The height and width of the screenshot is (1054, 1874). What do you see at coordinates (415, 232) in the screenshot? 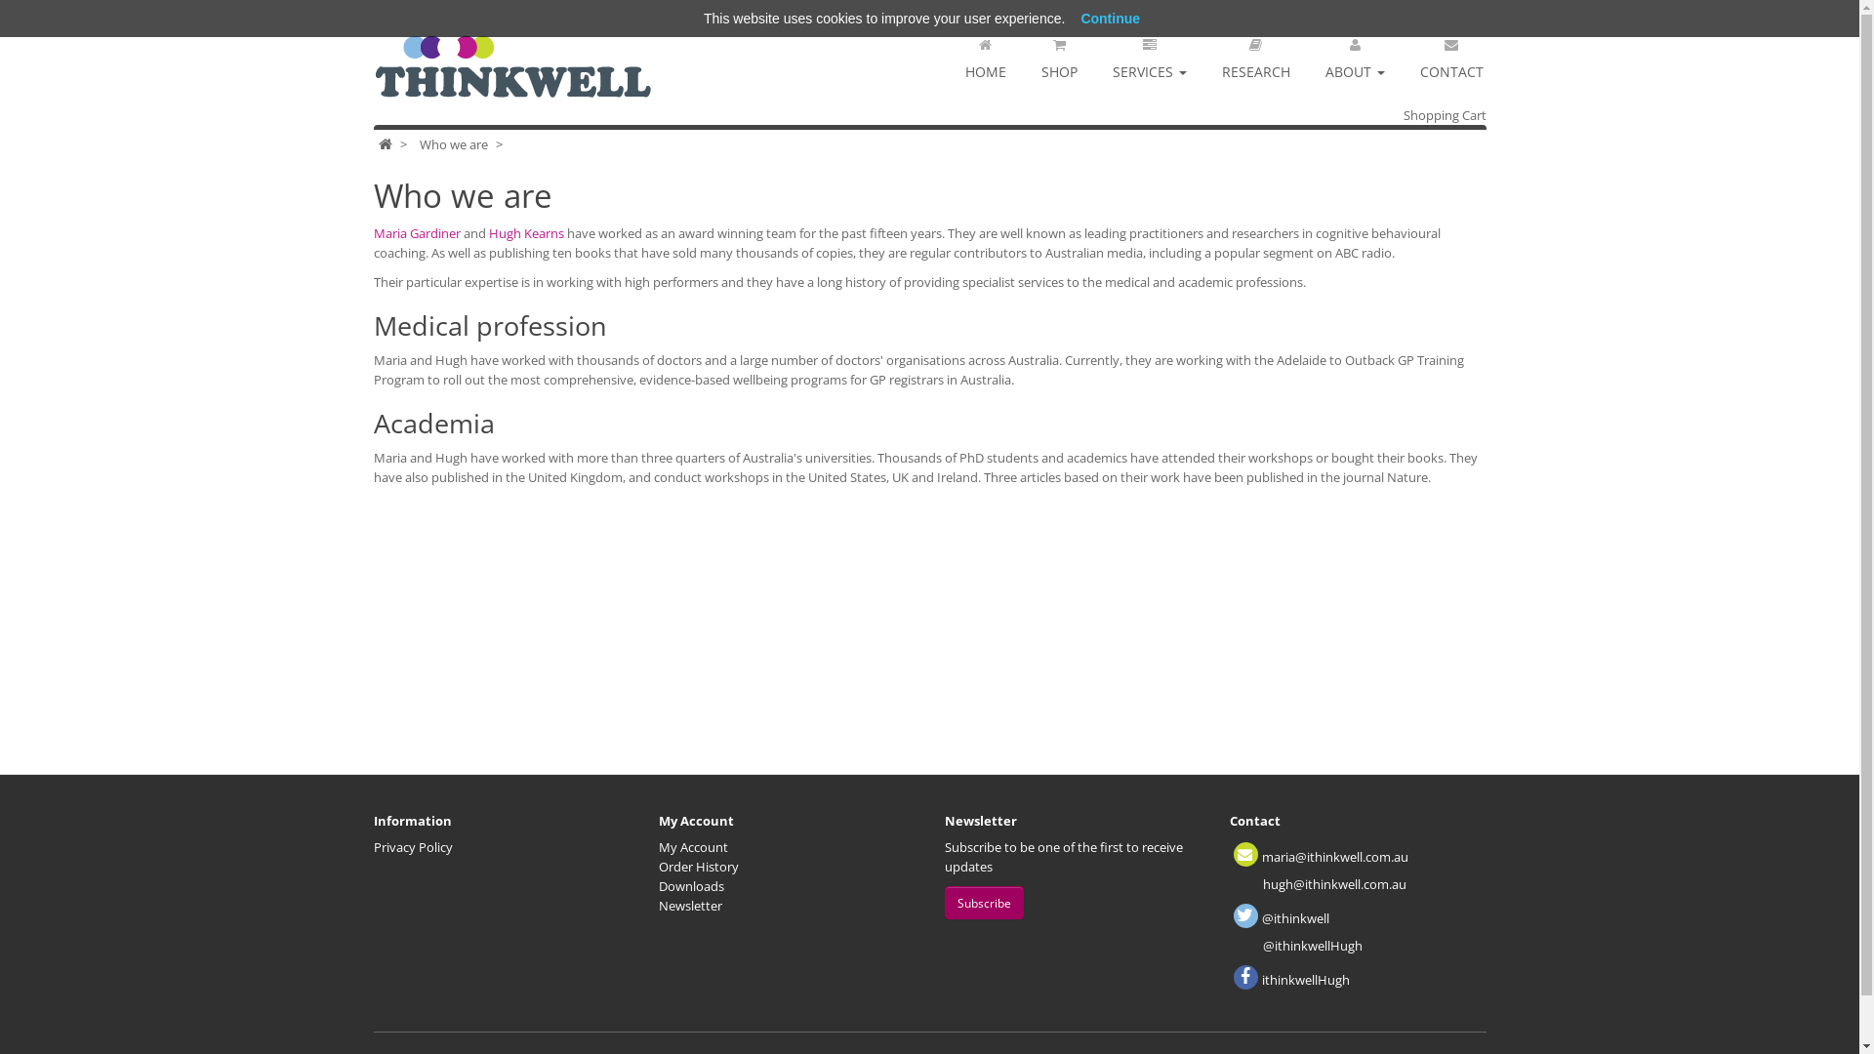
I see `'Maria Gardiner'` at bounding box center [415, 232].